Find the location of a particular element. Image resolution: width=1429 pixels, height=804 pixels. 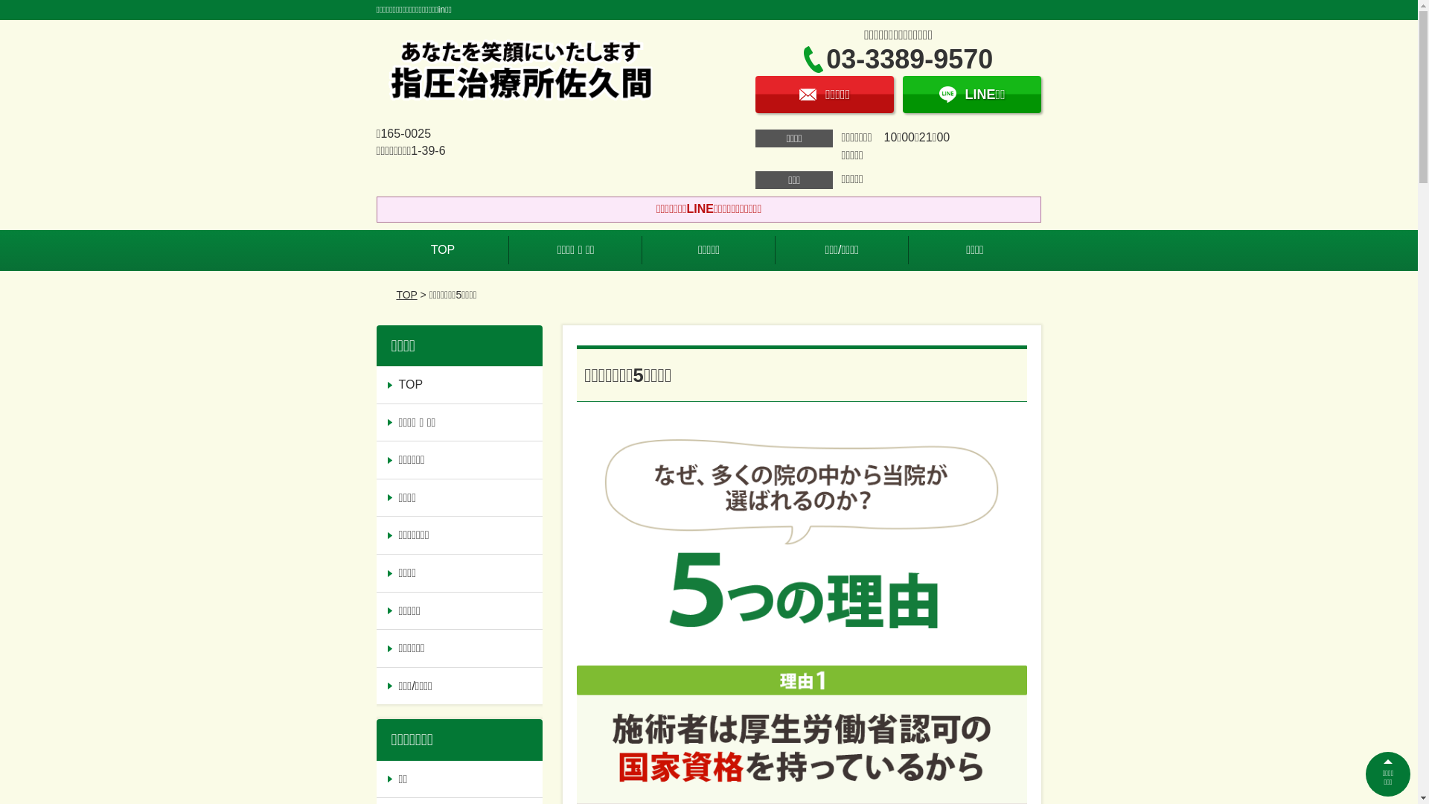

'TOP' is located at coordinates (442, 249).